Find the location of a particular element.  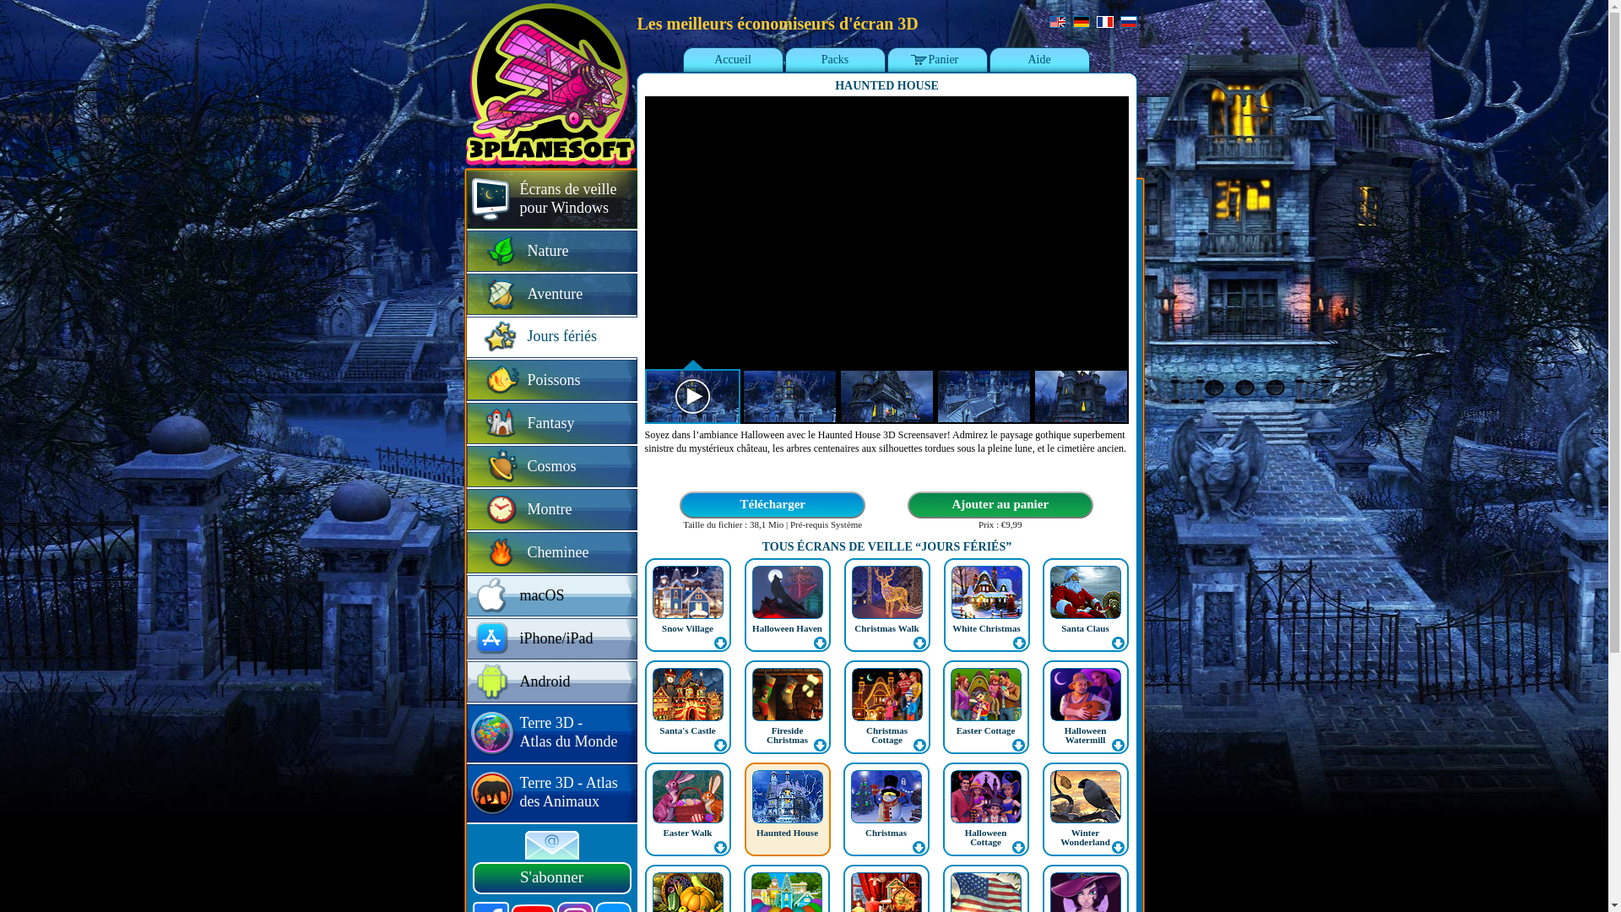

'Christmas Cottage' is located at coordinates (843, 707).